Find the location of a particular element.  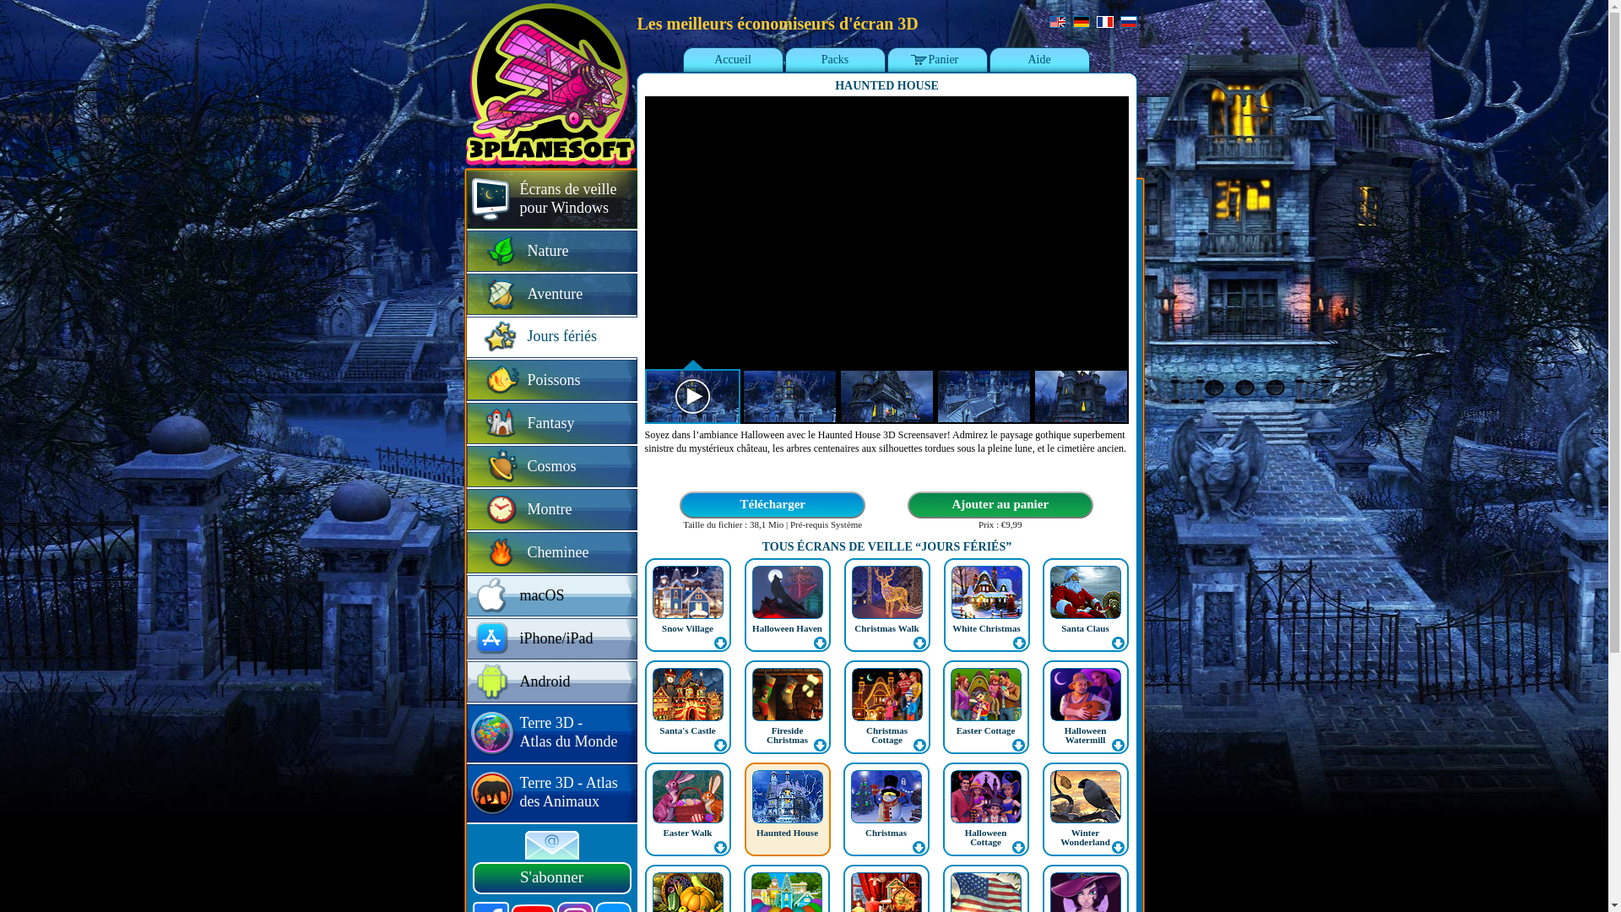

'Christmas Cottage' is located at coordinates (843, 707).